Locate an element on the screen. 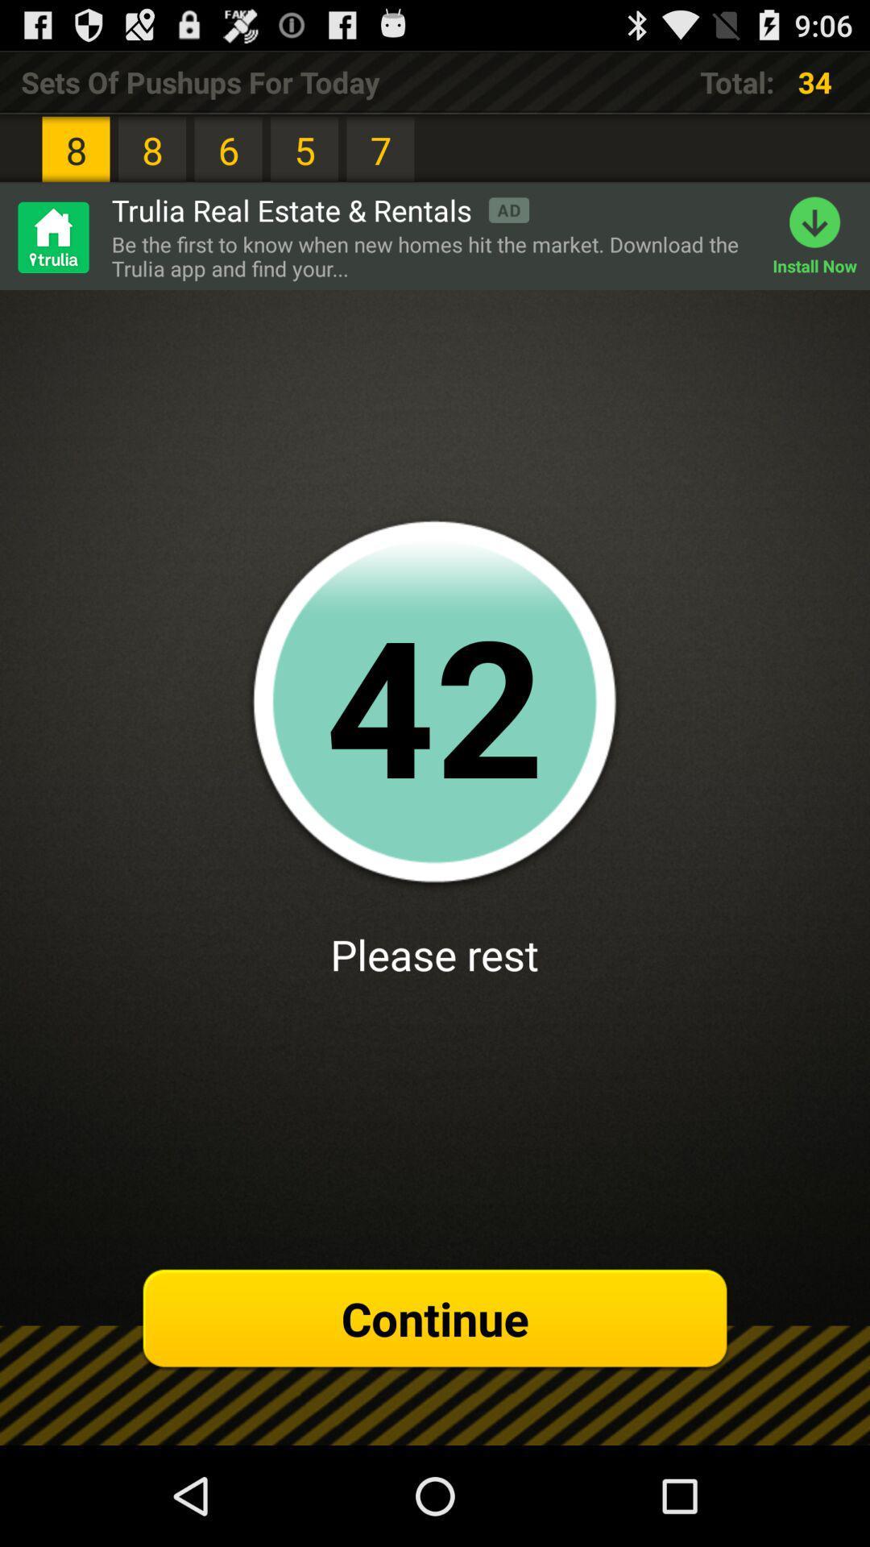  the icon next to the install now app is located at coordinates (433, 255).